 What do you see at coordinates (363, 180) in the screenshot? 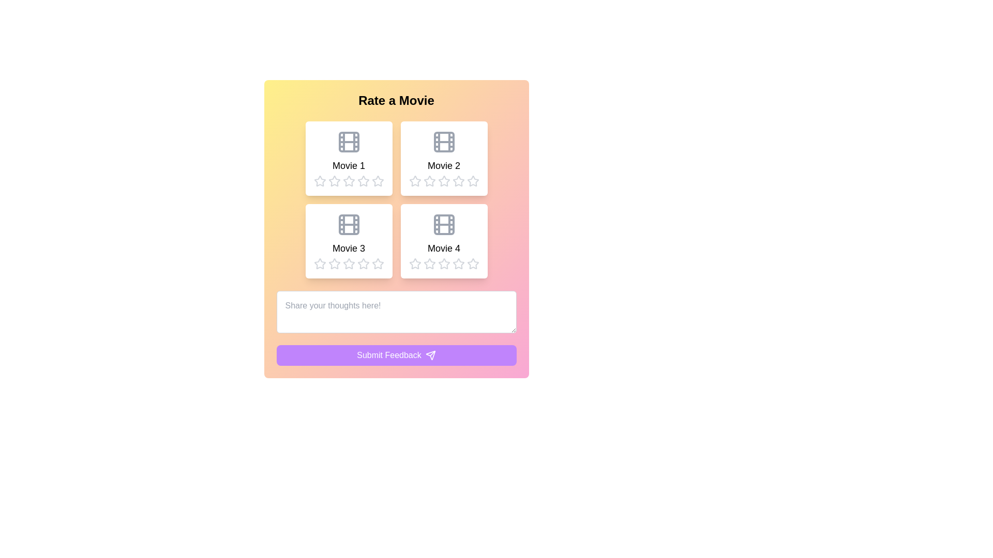
I see `the second star icon in the row of rating stars to set a two-star rating for the associated movie` at bounding box center [363, 180].